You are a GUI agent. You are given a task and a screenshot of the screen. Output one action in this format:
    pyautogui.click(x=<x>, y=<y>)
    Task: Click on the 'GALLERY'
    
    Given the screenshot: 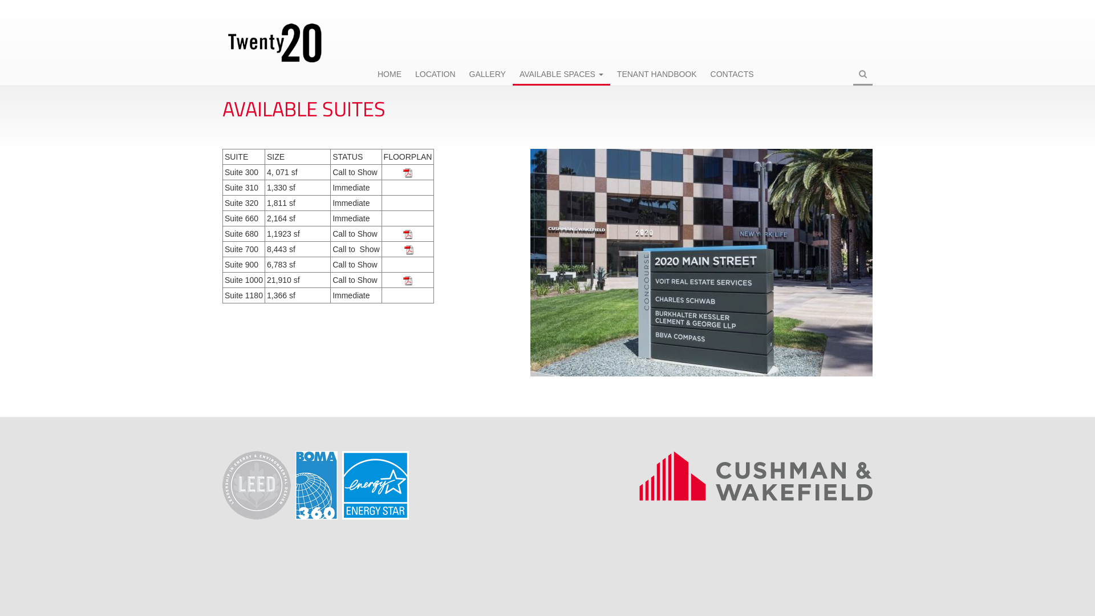 What is the action you would take?
    pyautogui.click(x=487, y=75)
    